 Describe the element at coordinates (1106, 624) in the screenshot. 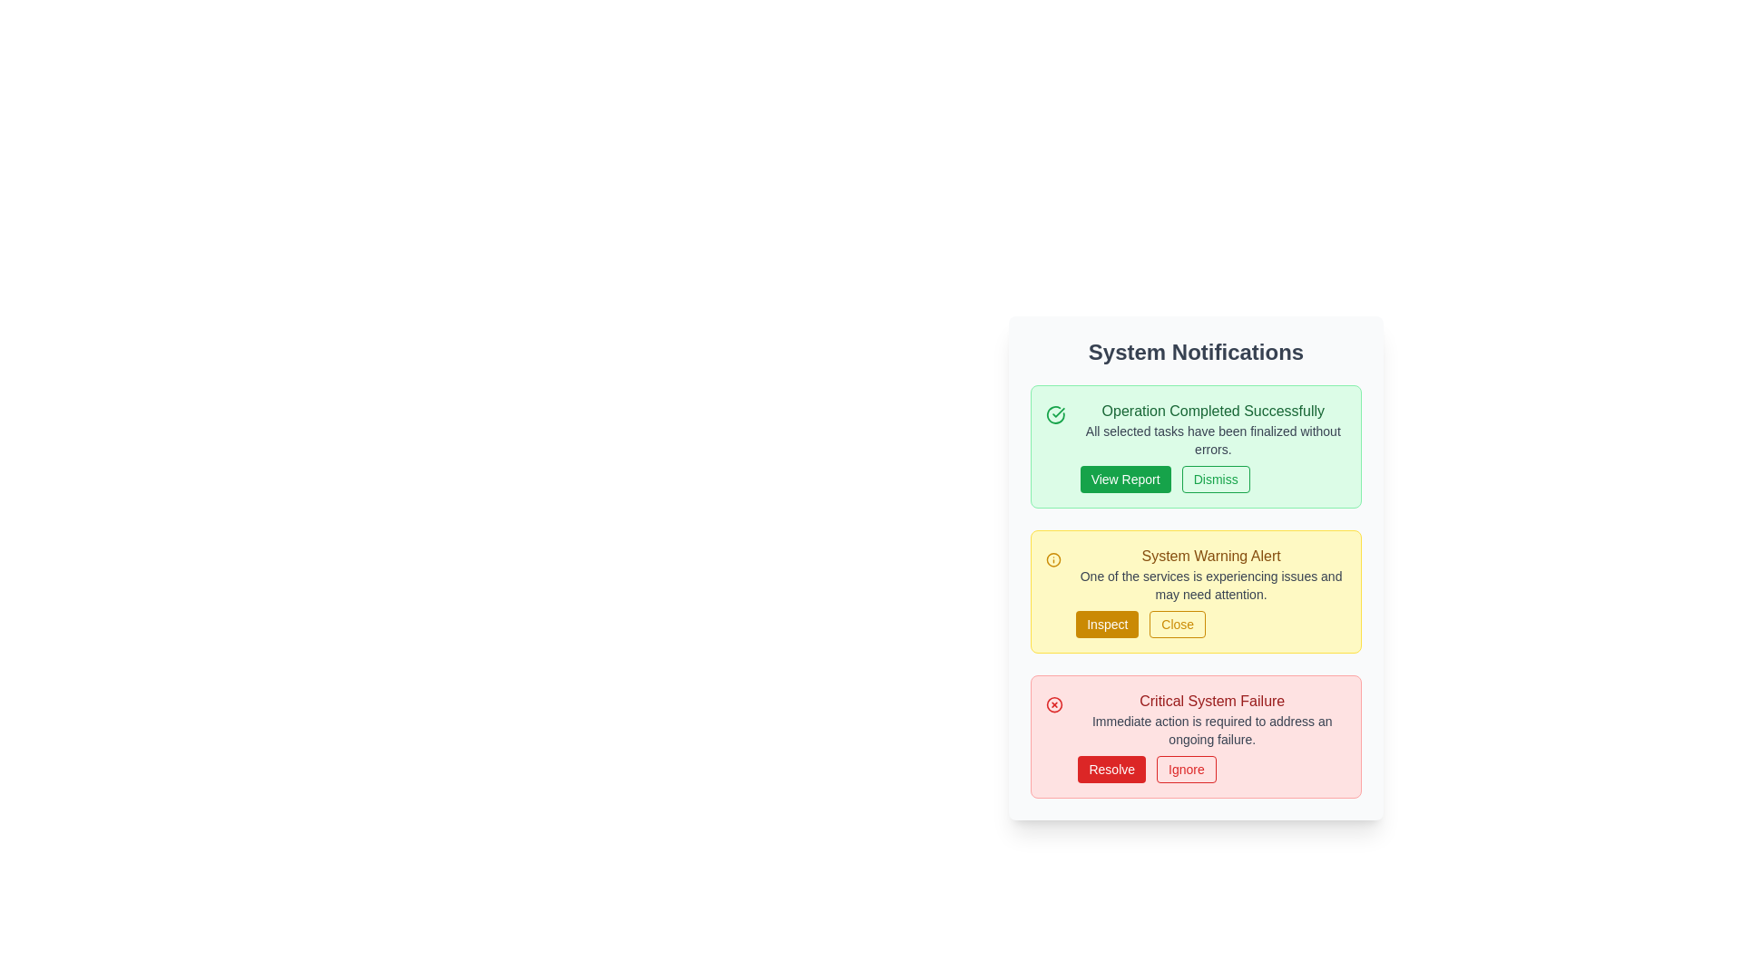

I see `the 'Inspect' button with a yellow background and white text located in the bottom left corner of the 'System Warning Alert' notification box to initiate the inspect action` at that location.